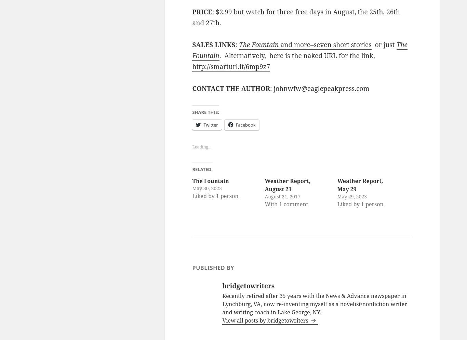 This screenshot has height=340, width=467. I want to click on 'Published by', so click(213, 267).